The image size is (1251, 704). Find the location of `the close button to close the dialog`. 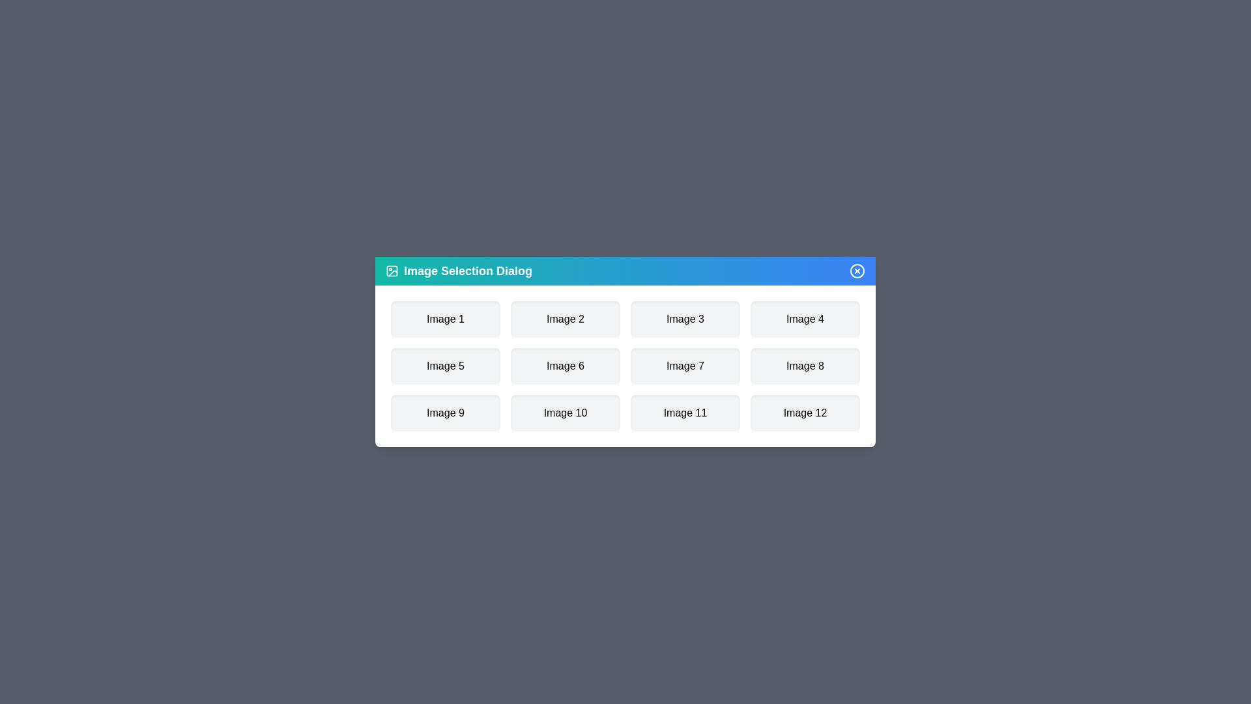

the close button to close the dialog is located at coordinates (857, 271).